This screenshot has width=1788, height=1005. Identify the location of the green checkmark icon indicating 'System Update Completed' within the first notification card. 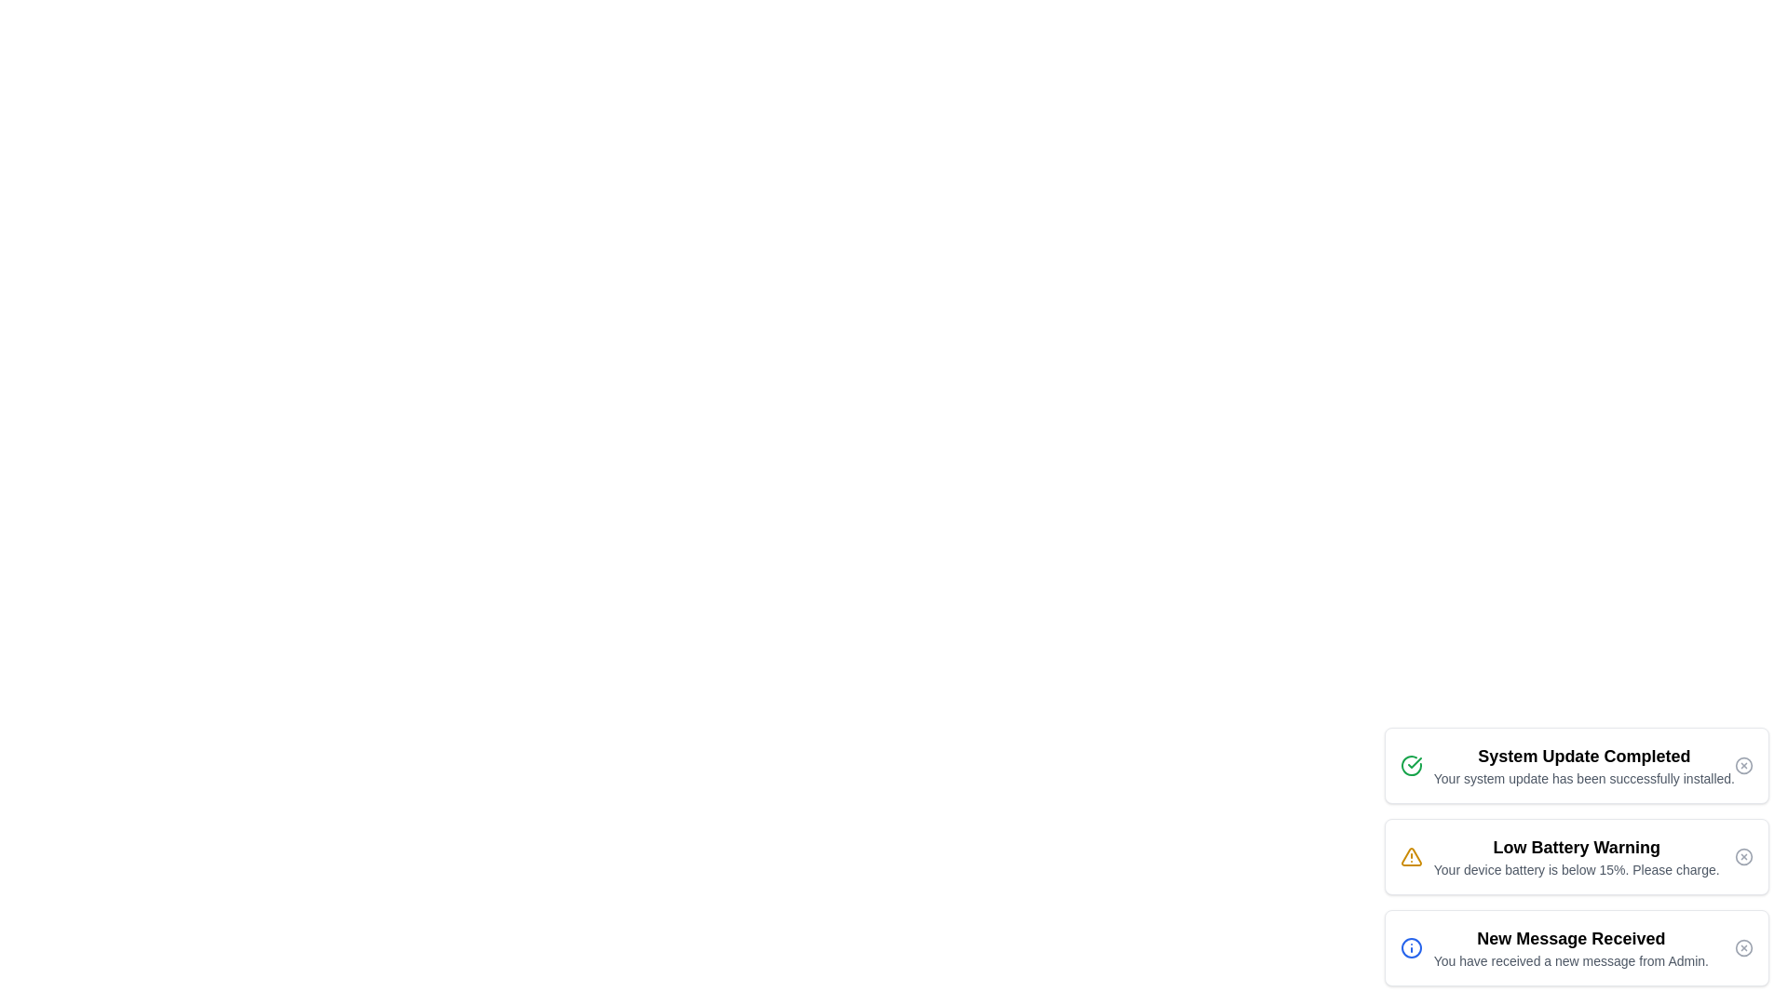
(1415, 763).